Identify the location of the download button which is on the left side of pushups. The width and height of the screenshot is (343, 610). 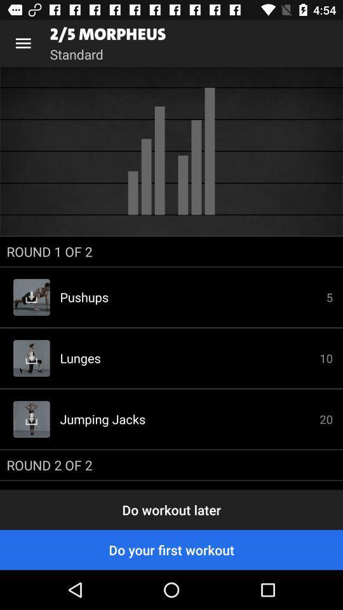
(32, 297).